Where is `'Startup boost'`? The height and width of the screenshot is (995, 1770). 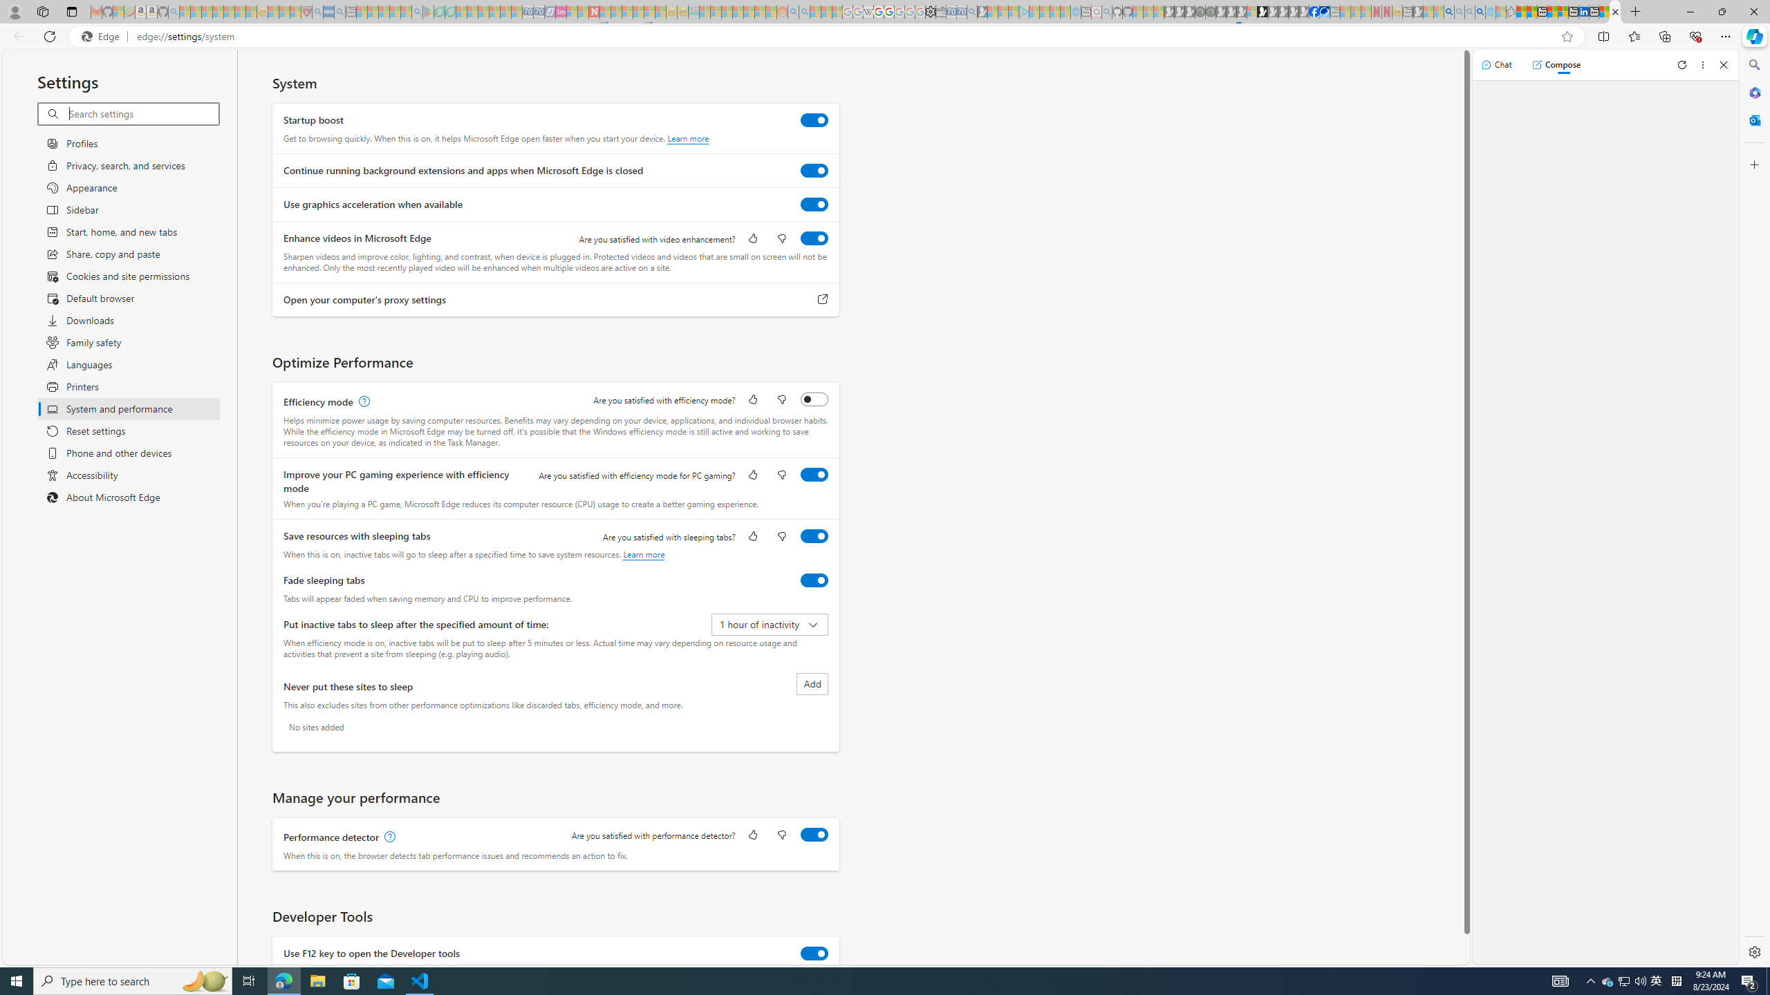
'Startup boost' is located at coordinates (814, 120).